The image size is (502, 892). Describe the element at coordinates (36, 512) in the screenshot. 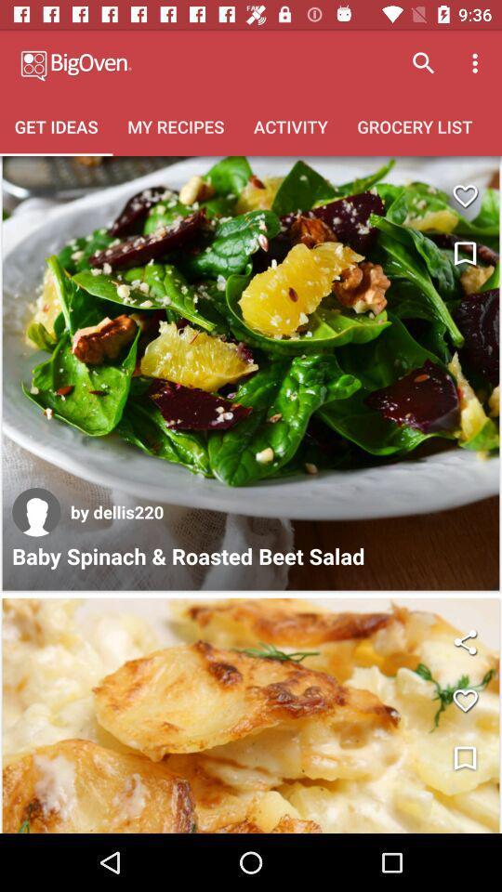

I see `profile icon` at that location.